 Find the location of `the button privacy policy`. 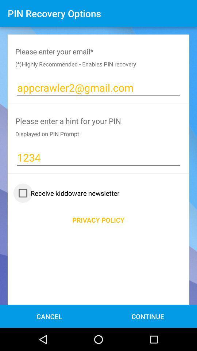

the button privacy policy is located at coordinates (98, 219).